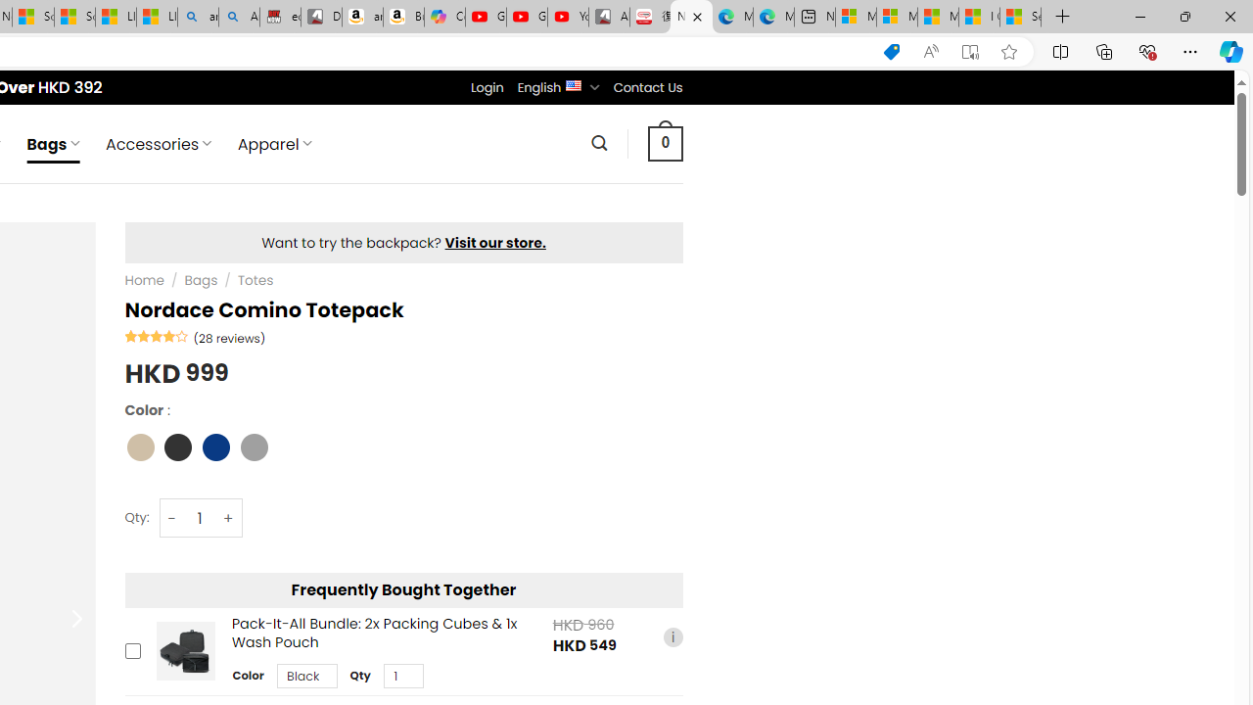 The height and width of the screenshot is (705, 1253). Describe the element at coordinates (172, 517) in the screenshot. I see `'-'` at that location.